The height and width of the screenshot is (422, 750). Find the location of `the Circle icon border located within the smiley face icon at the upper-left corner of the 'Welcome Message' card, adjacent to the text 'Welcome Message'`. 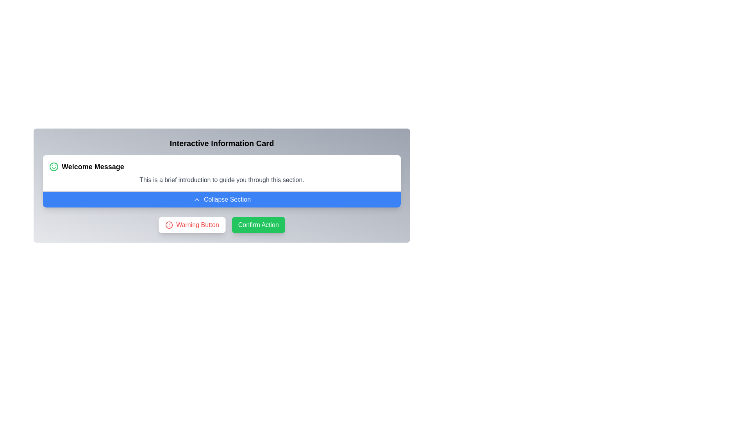

the Circle icon border located within the smiley face icon at the upper-left corner of the 'Welcome Message' card, adjacent to the text 'Welcome Message' is located at coordinates (54, 166).